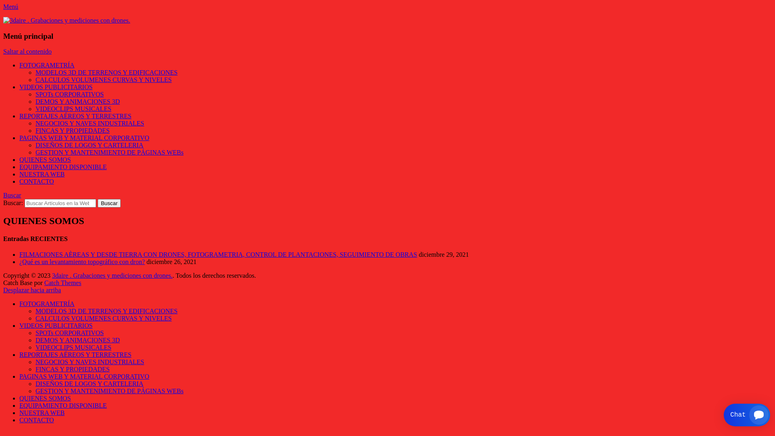 The width and height of the screenshot is (775, 436). Describe the element at coordinates (63, 282) in the screenshot. I see `'Catch Themes'` at that location.